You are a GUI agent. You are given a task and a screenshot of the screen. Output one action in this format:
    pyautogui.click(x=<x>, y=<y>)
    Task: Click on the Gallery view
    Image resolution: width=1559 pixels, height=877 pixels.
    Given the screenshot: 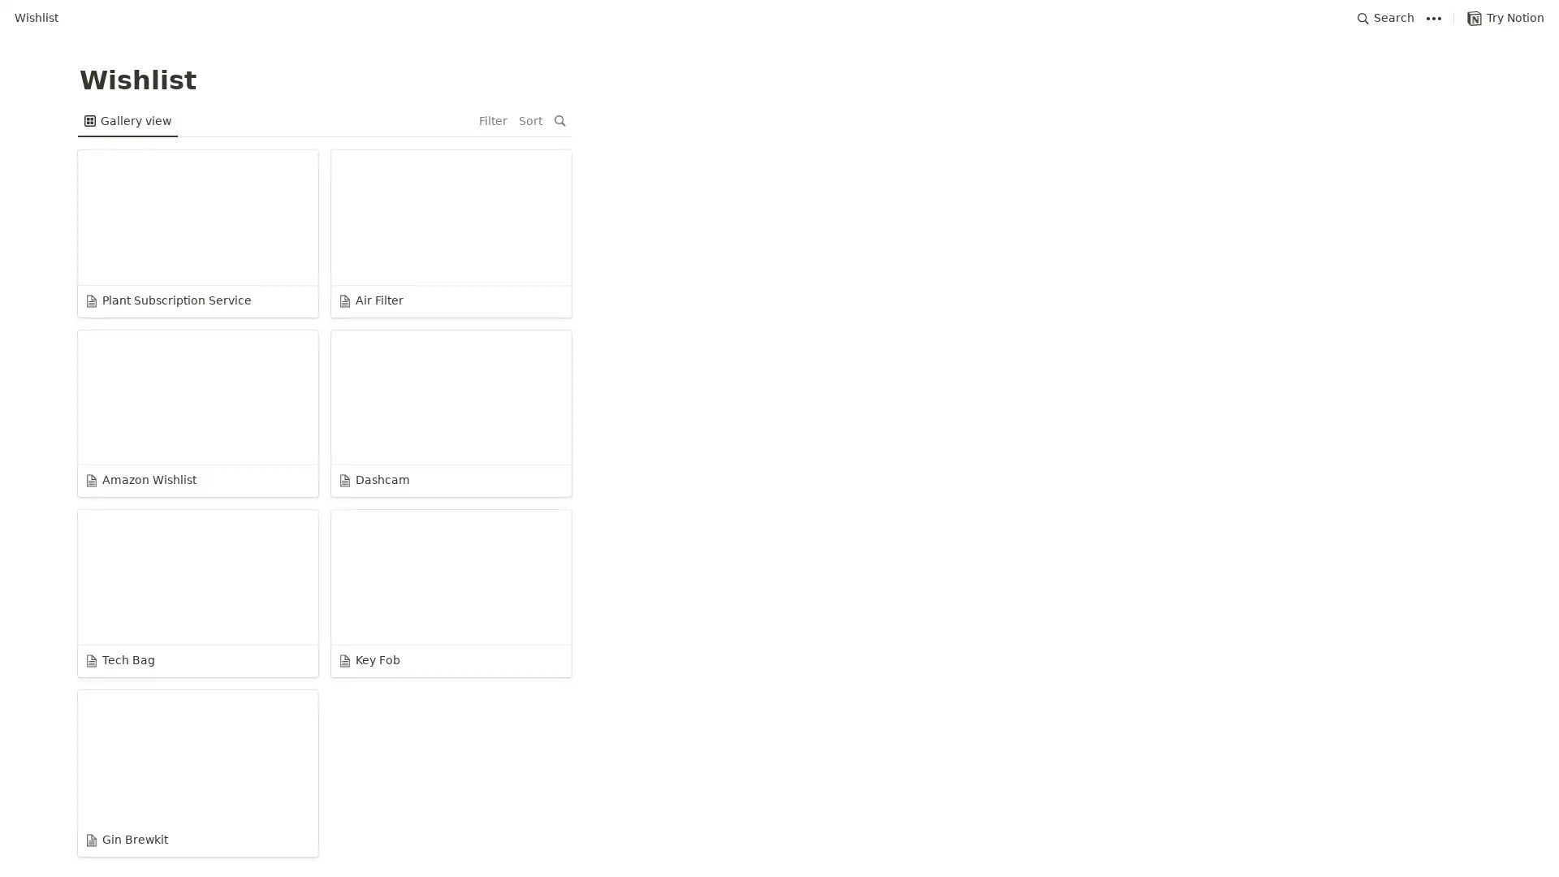 What is the action you would take?
    pyautogui.click(x=127, y=120)
    